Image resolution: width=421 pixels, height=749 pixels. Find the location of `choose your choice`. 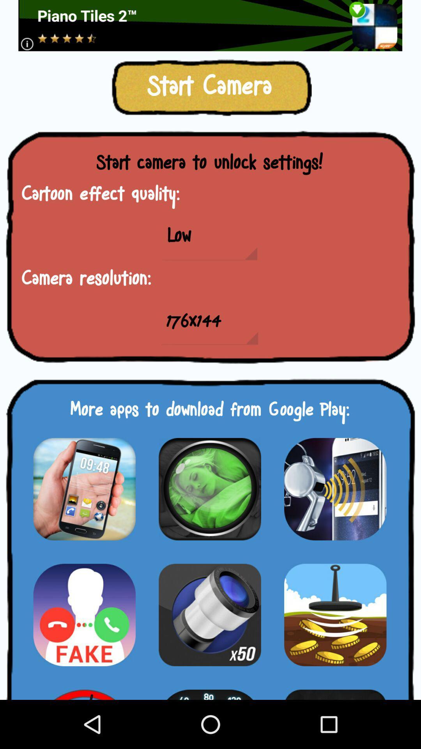

choose your choice is located at coordinates (335, 614).